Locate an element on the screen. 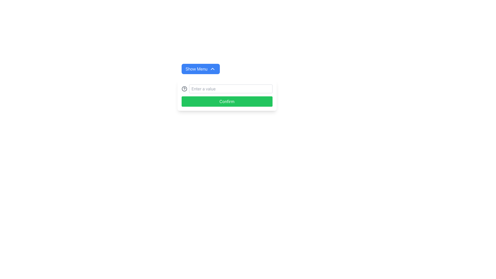 Image resolution: width=496 pixels, height=279 pixels. the downward-pointing chevron icon located at the far right end of the 'Show Menu' button is located at coordinates (213, 68).